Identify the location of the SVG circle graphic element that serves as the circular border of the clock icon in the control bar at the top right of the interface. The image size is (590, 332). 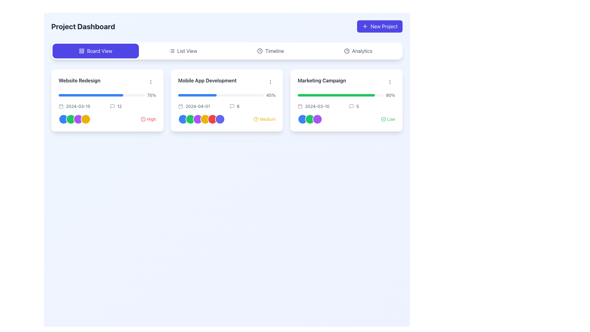
(260, 50).